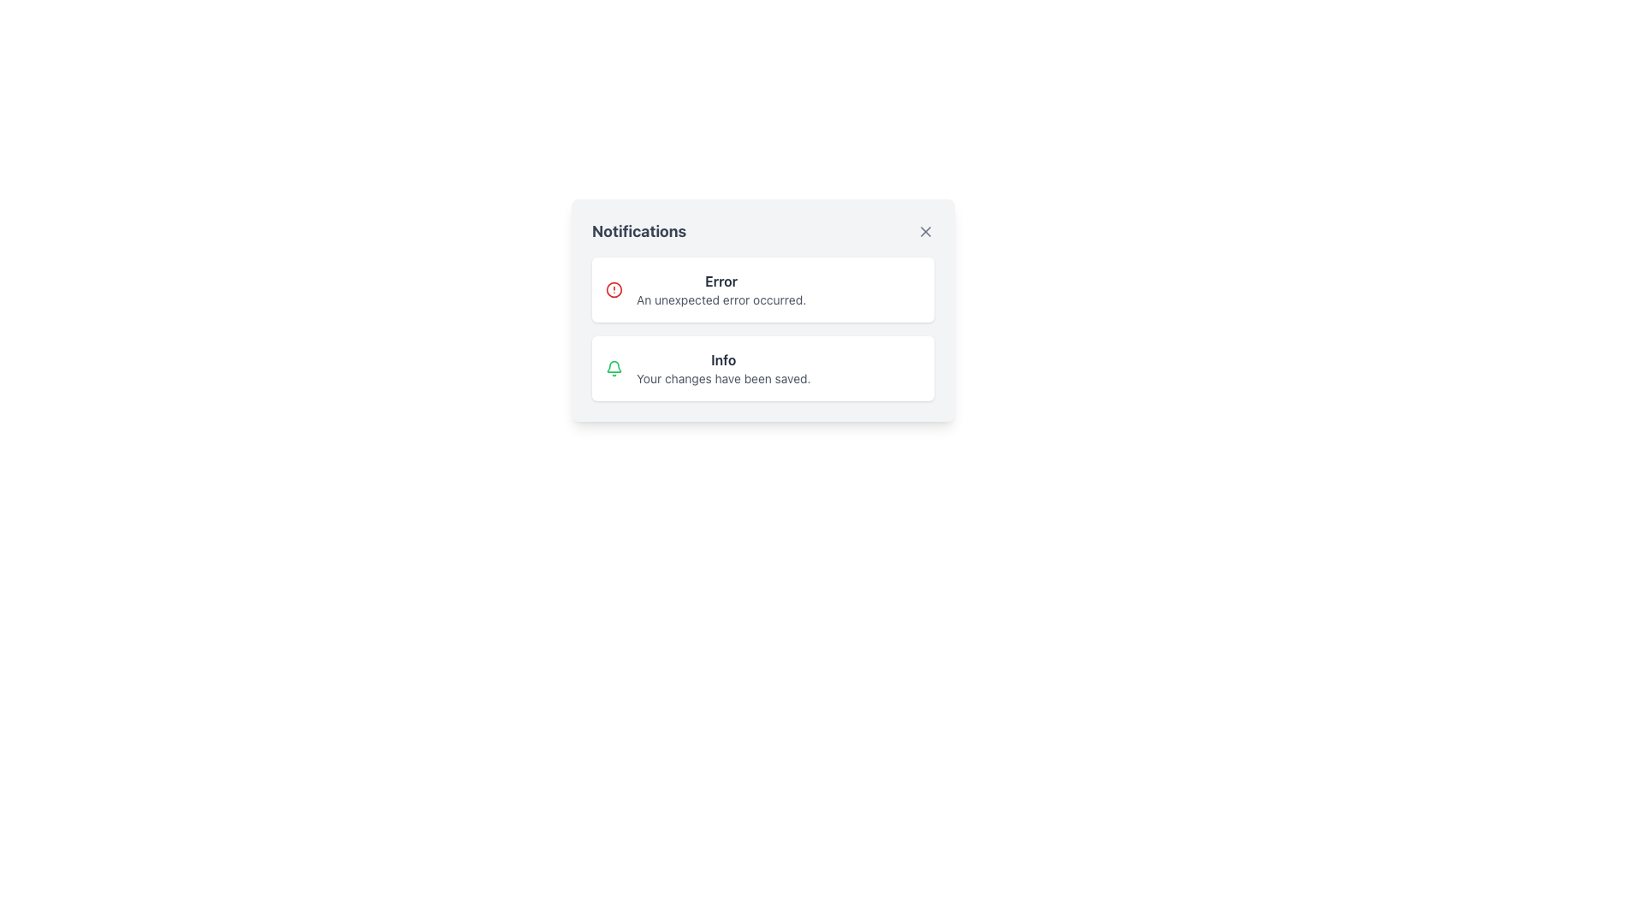 This screenshot has width=1643, height=924. What do you see at coordinates (614, 368) in the screenshot?
I see `the informational icon on the far left side of the notification box that contains the text 'Info' and 'Your changes have been saved.'` at bounding box center [614, 368].